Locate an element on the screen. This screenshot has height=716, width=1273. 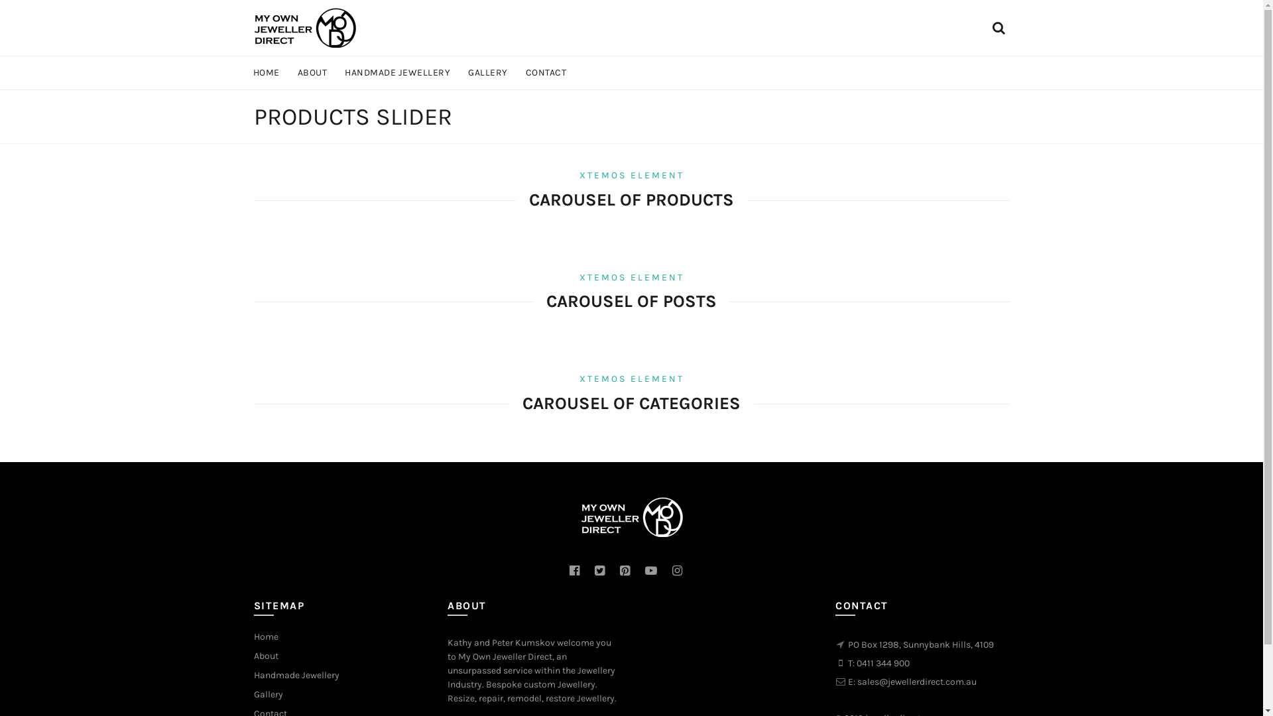
'Search' is located at coordinates (26, 39).